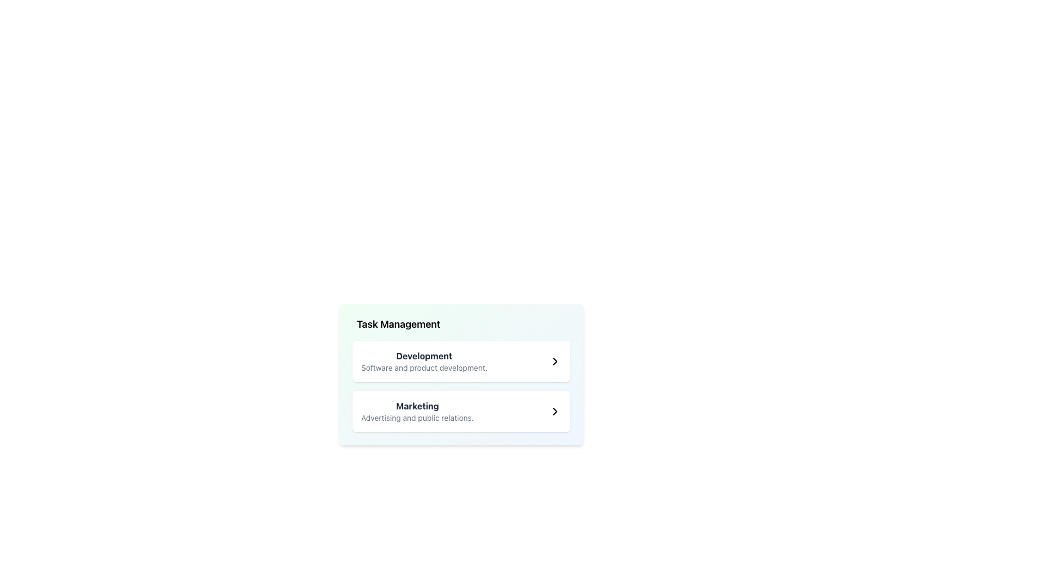 The image size is (1046, 588). What do you see at coordinates (555, 412) in the screenshot?
I see `the rightward-pointing chevron icon located at the far right of the 'Marketing' card` at bounding box center [555, 412].